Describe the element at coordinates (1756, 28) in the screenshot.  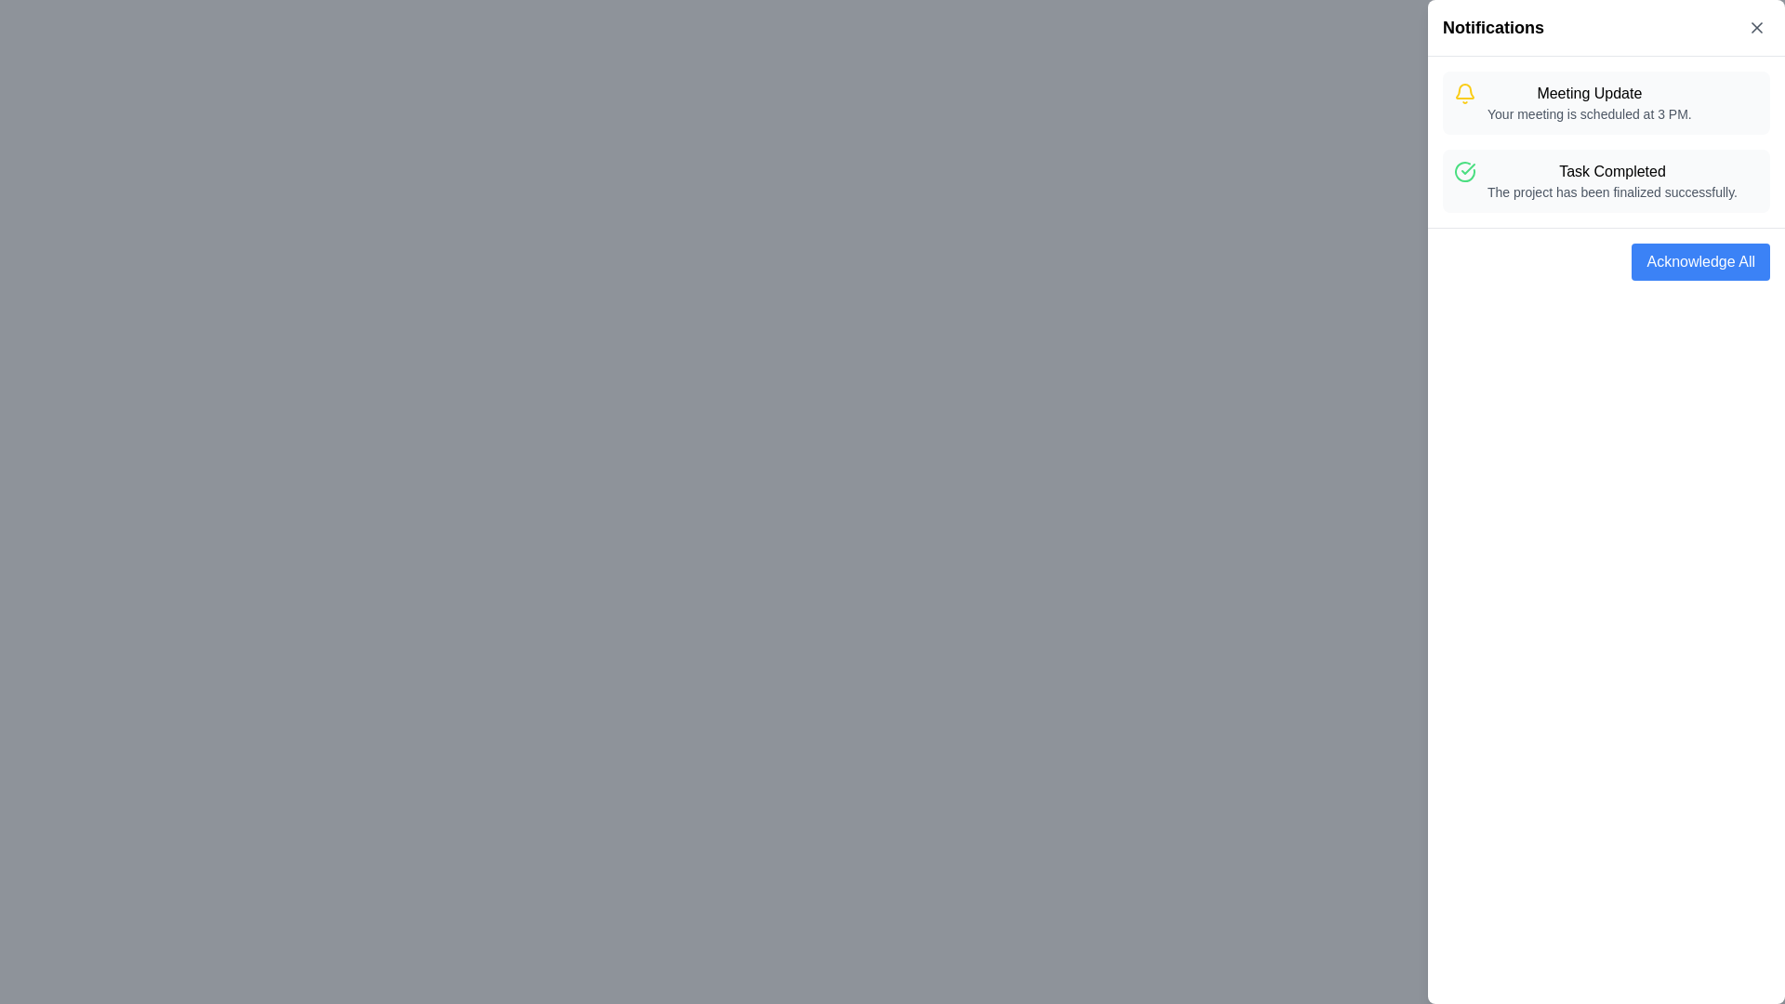
I see `the close button in the top-right corner of the notification pane` at that location.